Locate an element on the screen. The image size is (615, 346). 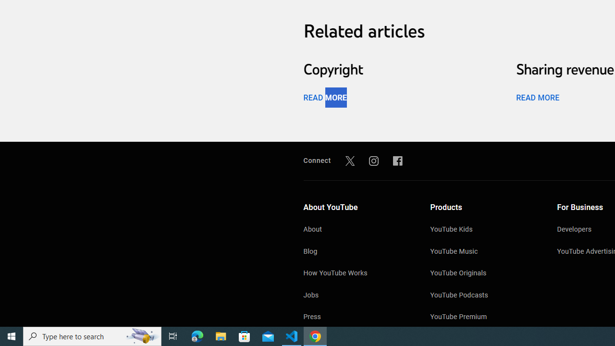
'READ MORE' is located at coordinates (537, 98).